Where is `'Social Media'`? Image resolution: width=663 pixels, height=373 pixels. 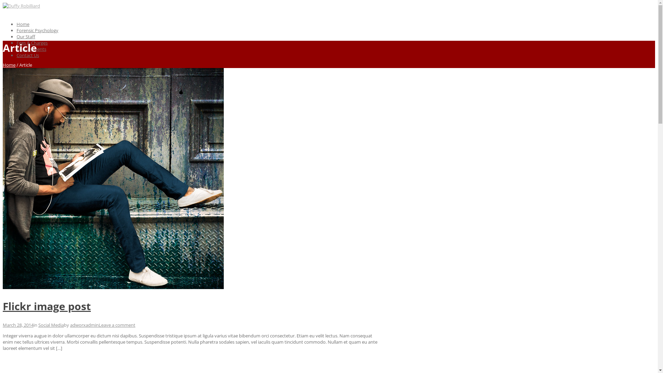 'Social Media' is located at coordinates (51, 325).